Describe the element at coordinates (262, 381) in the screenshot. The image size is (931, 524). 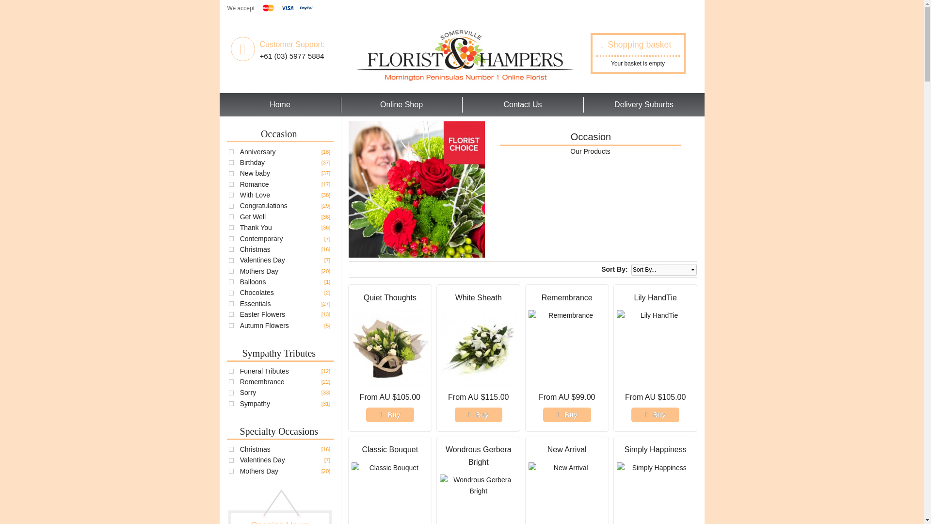
I see `'Remembrance` at that location.